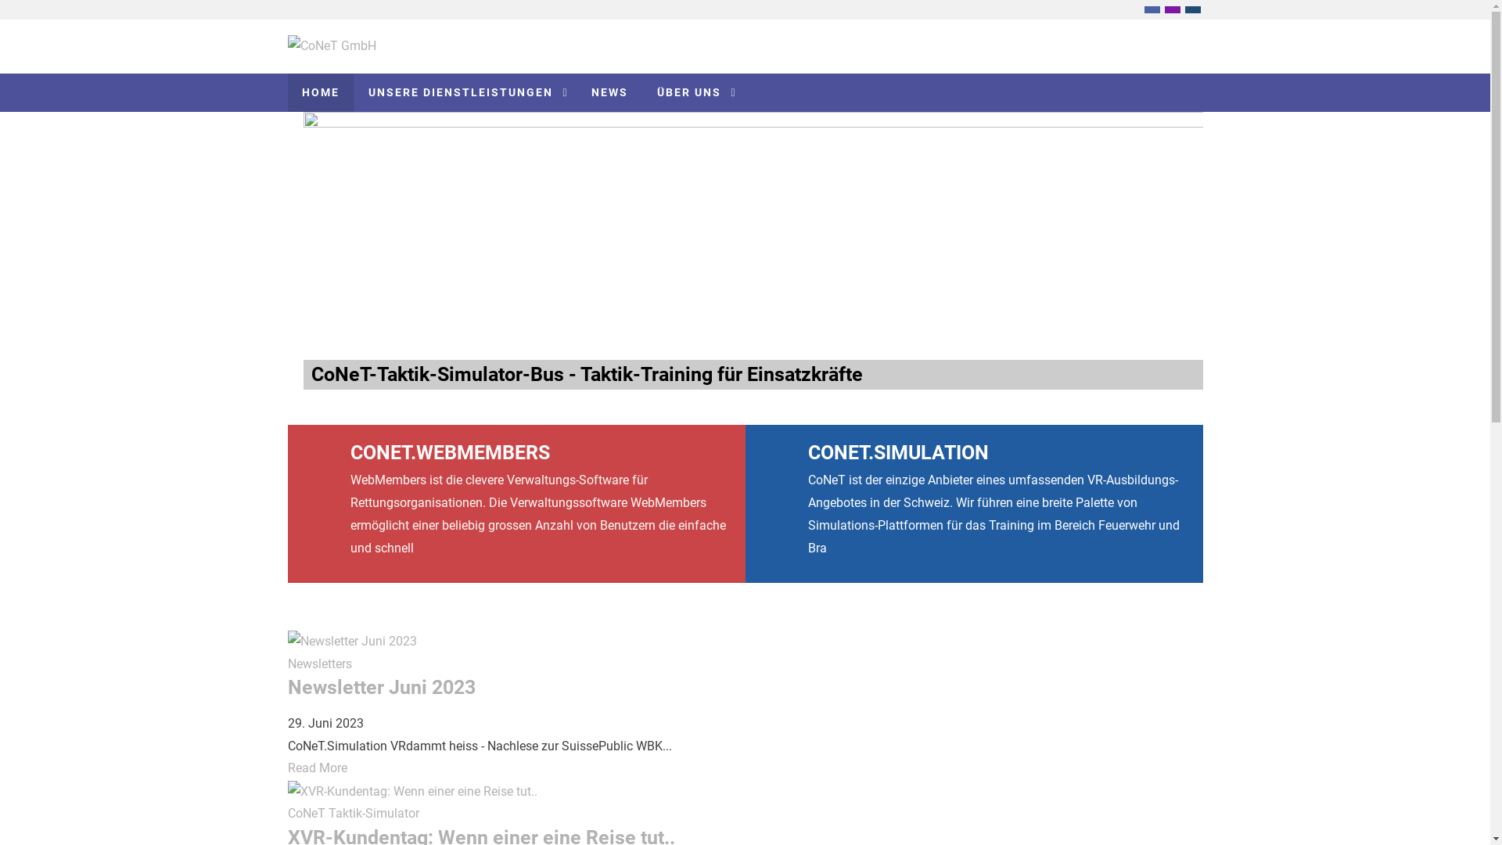 The height and width of the screenshot is (845, 1502). I want to click on 'UNSERE DIENSTLEISTUNGEN', so click(464, 92).